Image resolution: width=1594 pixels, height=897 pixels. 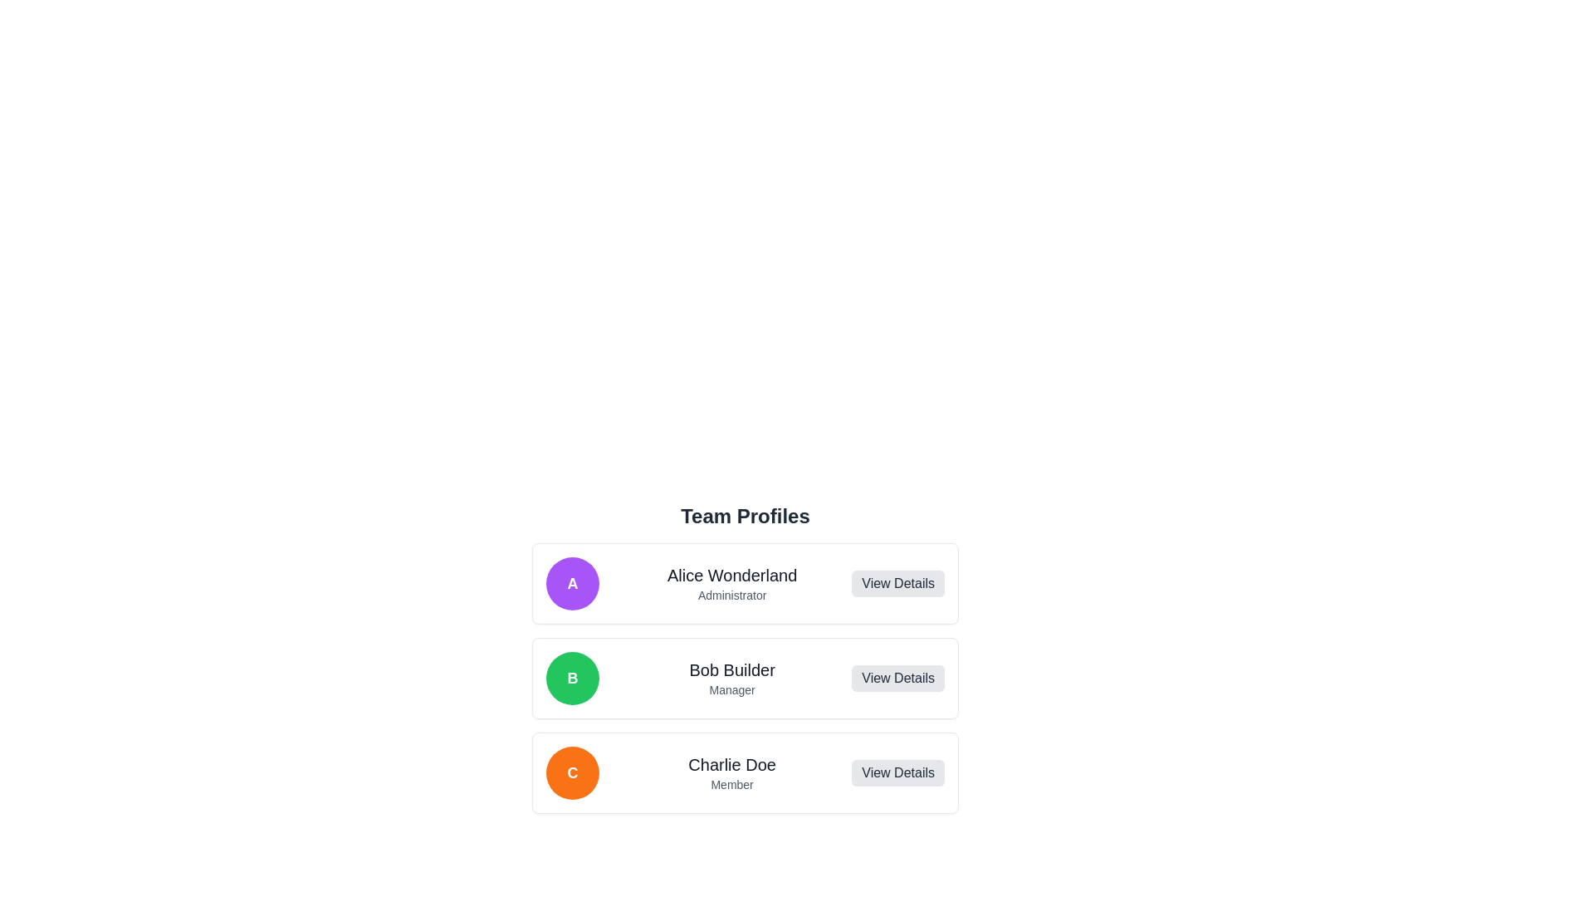 I want to click on the Profile Card that represents a user profile, which is the first card in a vertically stacked list and centrally aligned on the page, so click(x=744, y=582).